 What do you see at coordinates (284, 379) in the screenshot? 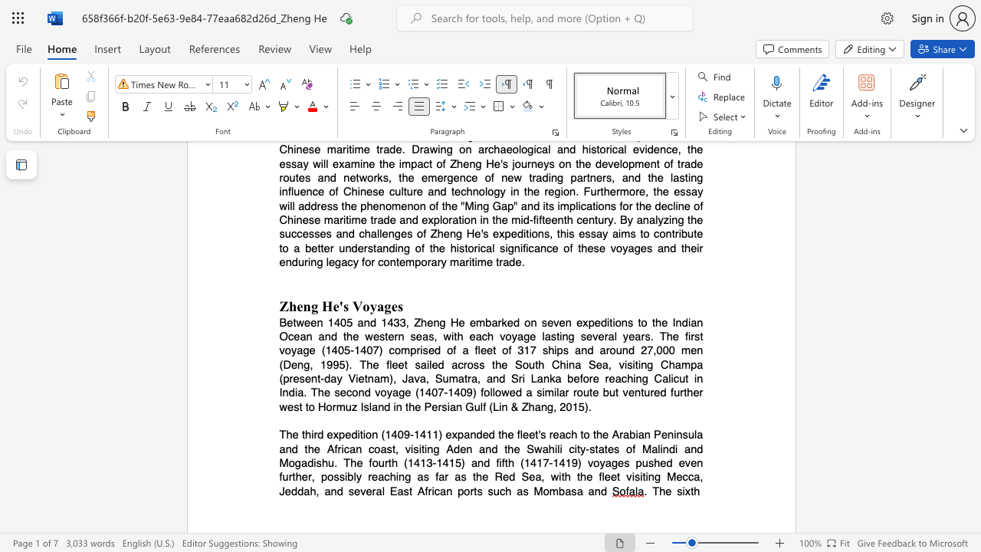
I see `the space between the continuous character "(" and "p" in the text` at bounding box center [284, 379].